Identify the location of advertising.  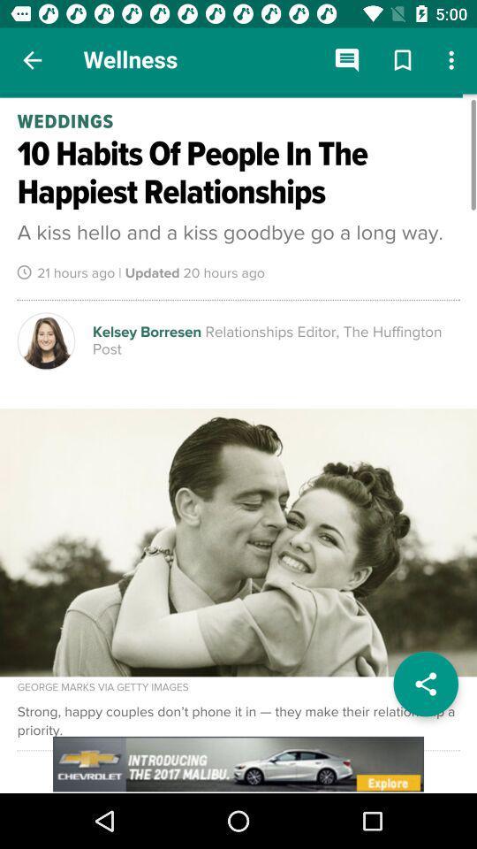
(238, 763).